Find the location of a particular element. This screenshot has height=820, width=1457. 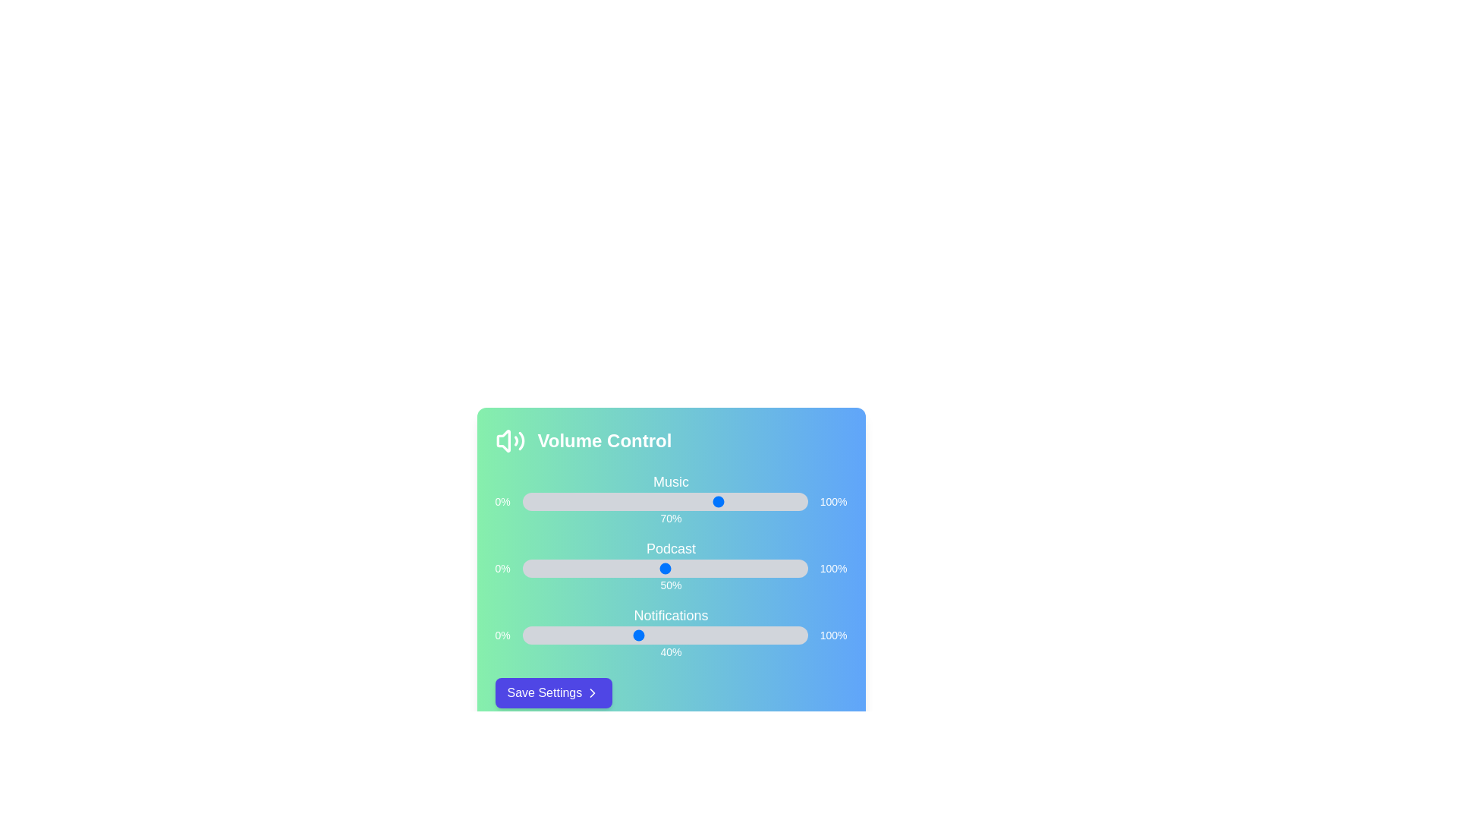

the 'Save Settings' button to save the current volume settings is located at coordinates (552, 693).